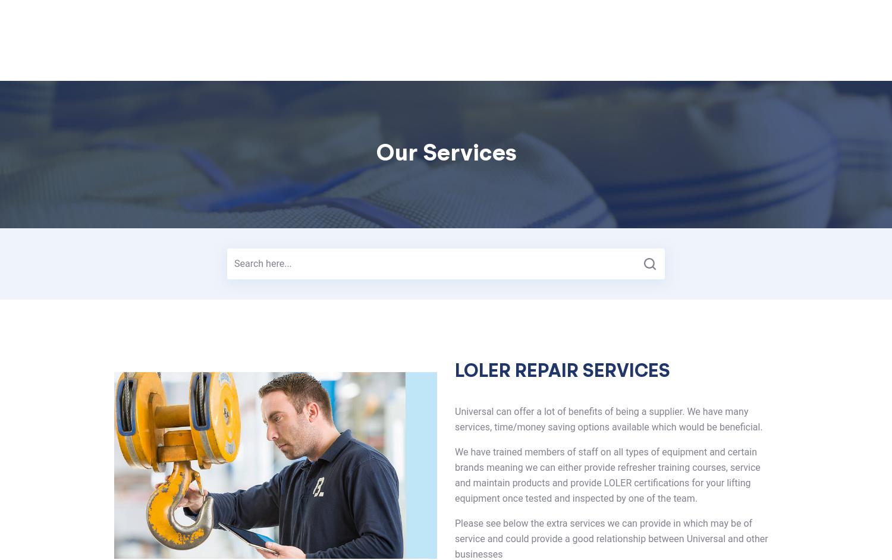 This screenshot has height=560, width=892. I want to click on 'Request a Call', so click(762, 25).